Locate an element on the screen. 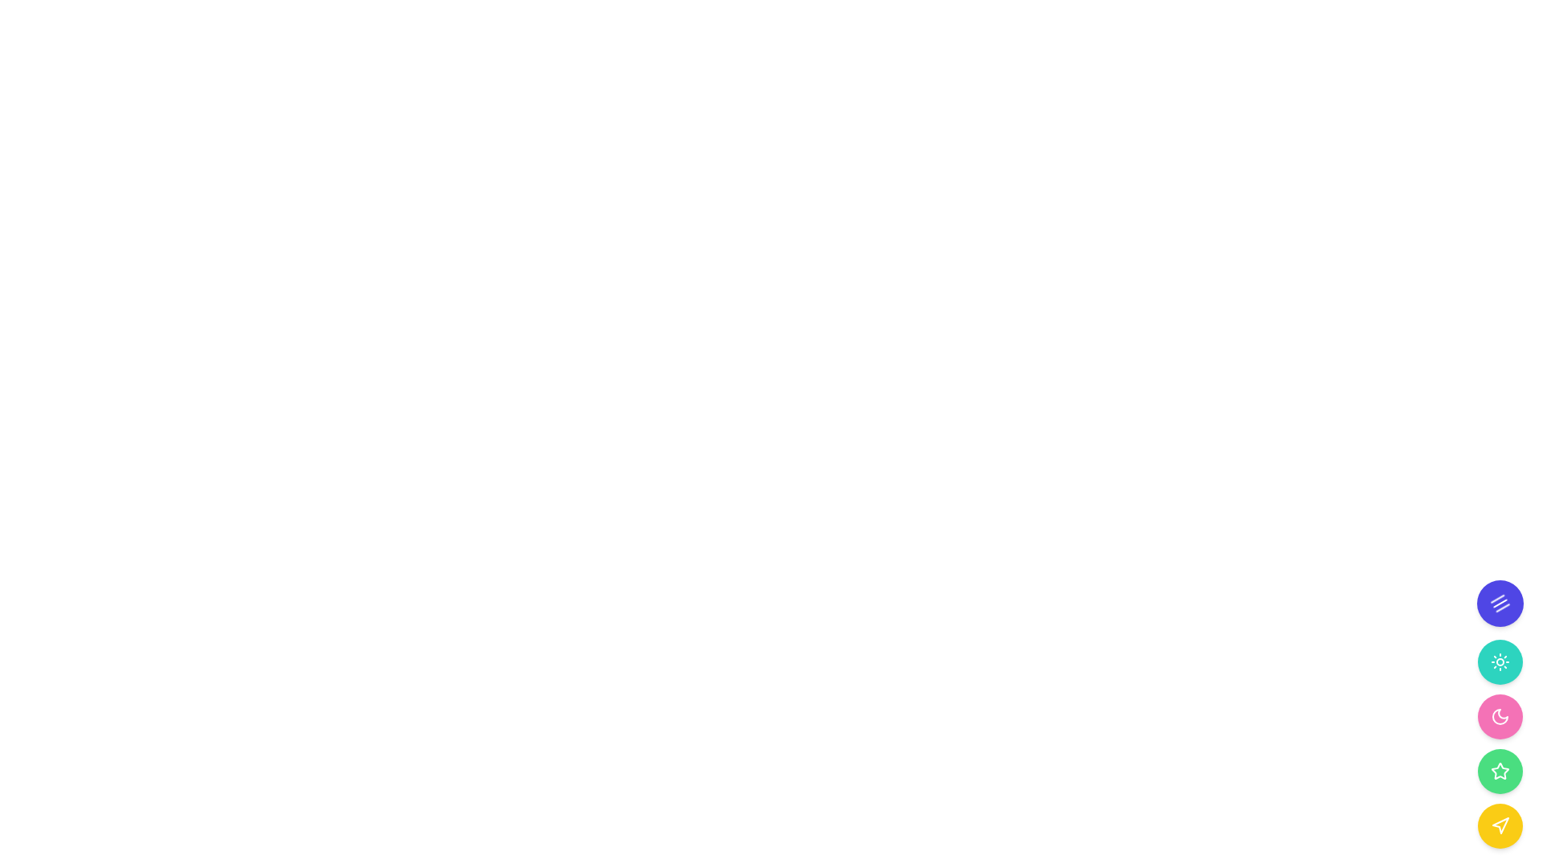 The height and width of the screenshot is (868, 1543). the circular teal button with a sun icon located below the blue hamburger button is located at coordinates (1500, 662).